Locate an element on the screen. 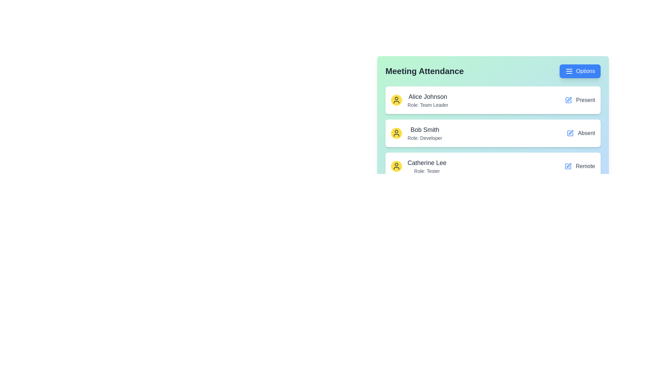  the image icon depicting a person, which is enclosed in a yellow circular background and positioned to the left of the text 'Catherine Lee Role: Tester' is located at coordinates (397, 166).